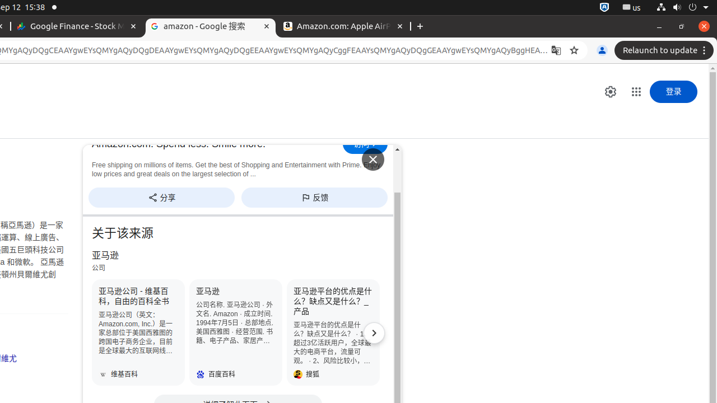  I want to click on '登录', so click(673, 91).